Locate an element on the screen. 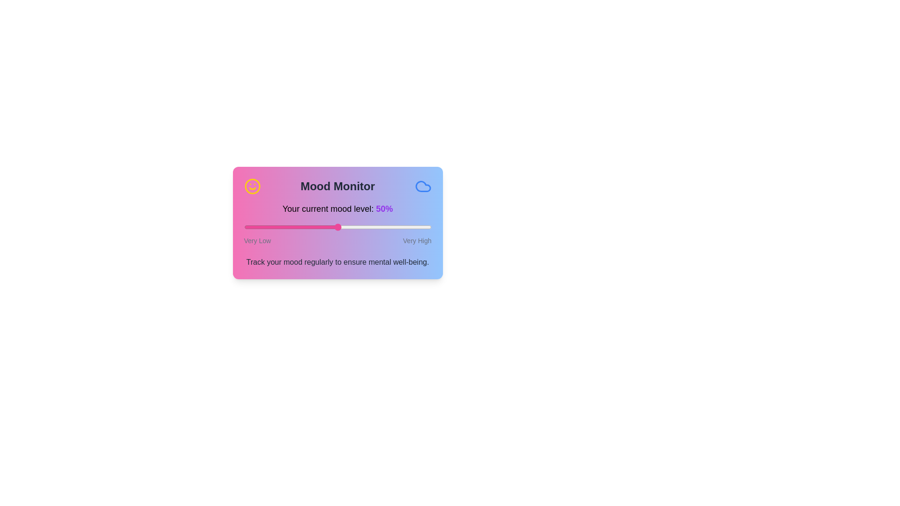  the mood slider to set the mood level to 73% is located at coordinates (381, 227).